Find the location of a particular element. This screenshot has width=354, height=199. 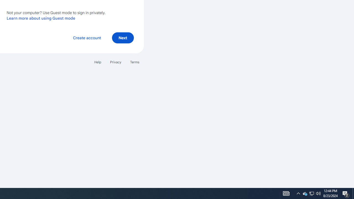

'Terms' is located at coordinates (135, 62).